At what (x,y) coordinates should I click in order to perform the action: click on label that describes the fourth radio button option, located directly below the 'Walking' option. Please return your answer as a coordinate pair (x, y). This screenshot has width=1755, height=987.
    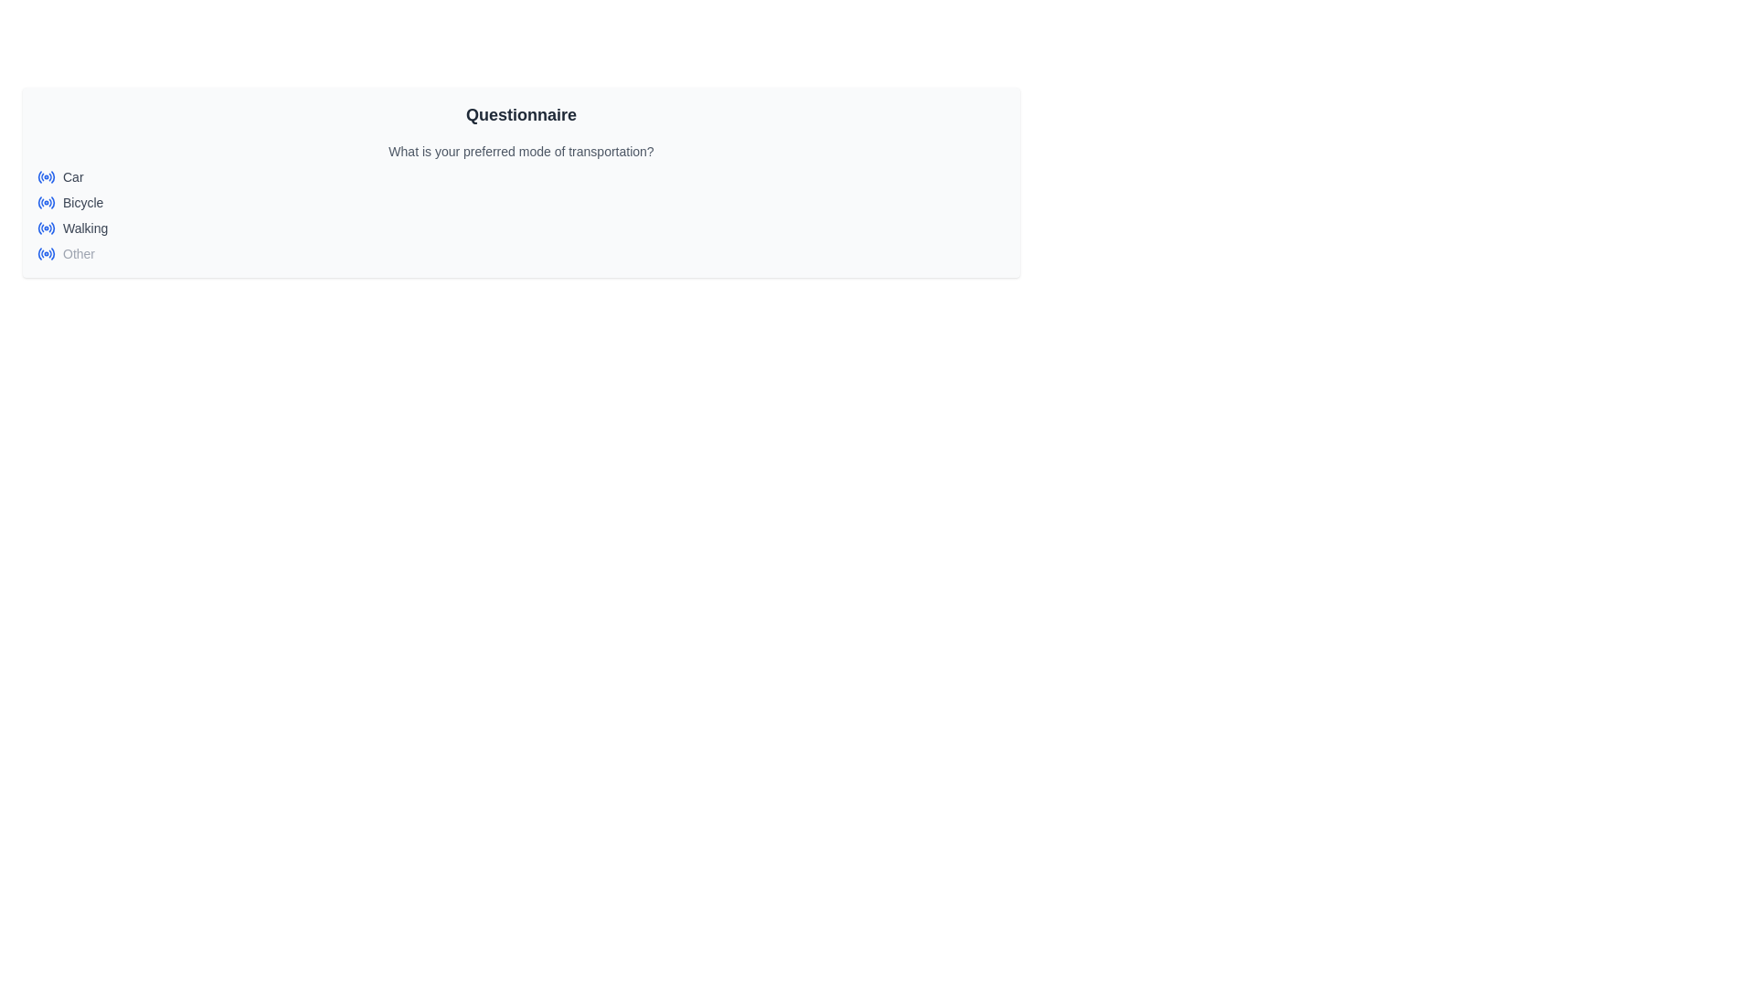
    Looking at the image, I should click on (78, 253).